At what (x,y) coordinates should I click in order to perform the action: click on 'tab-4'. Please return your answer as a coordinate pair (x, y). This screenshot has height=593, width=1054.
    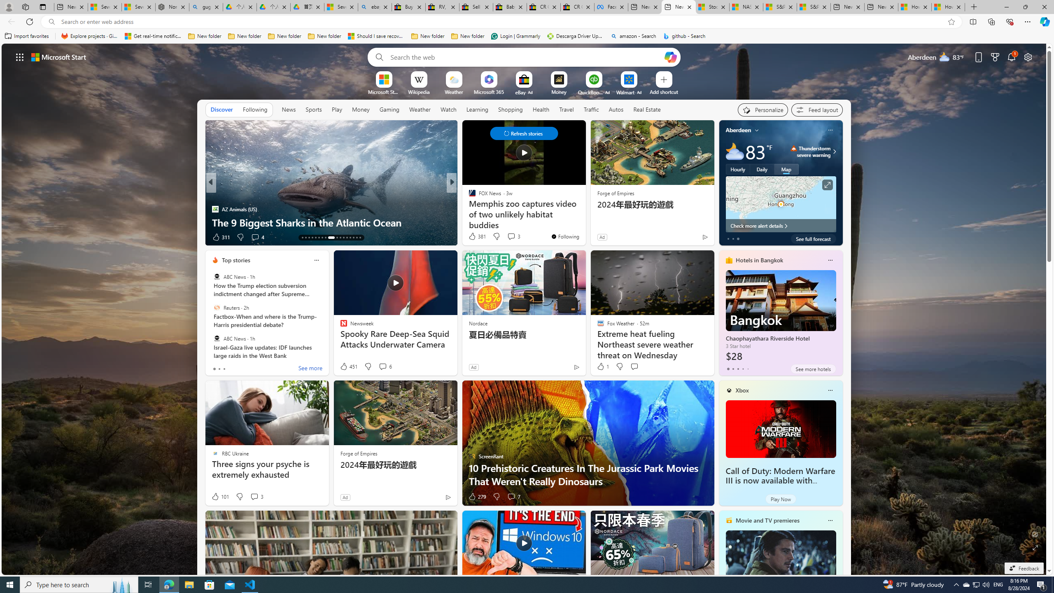
    Looking at the image, I should click on (747, 369).